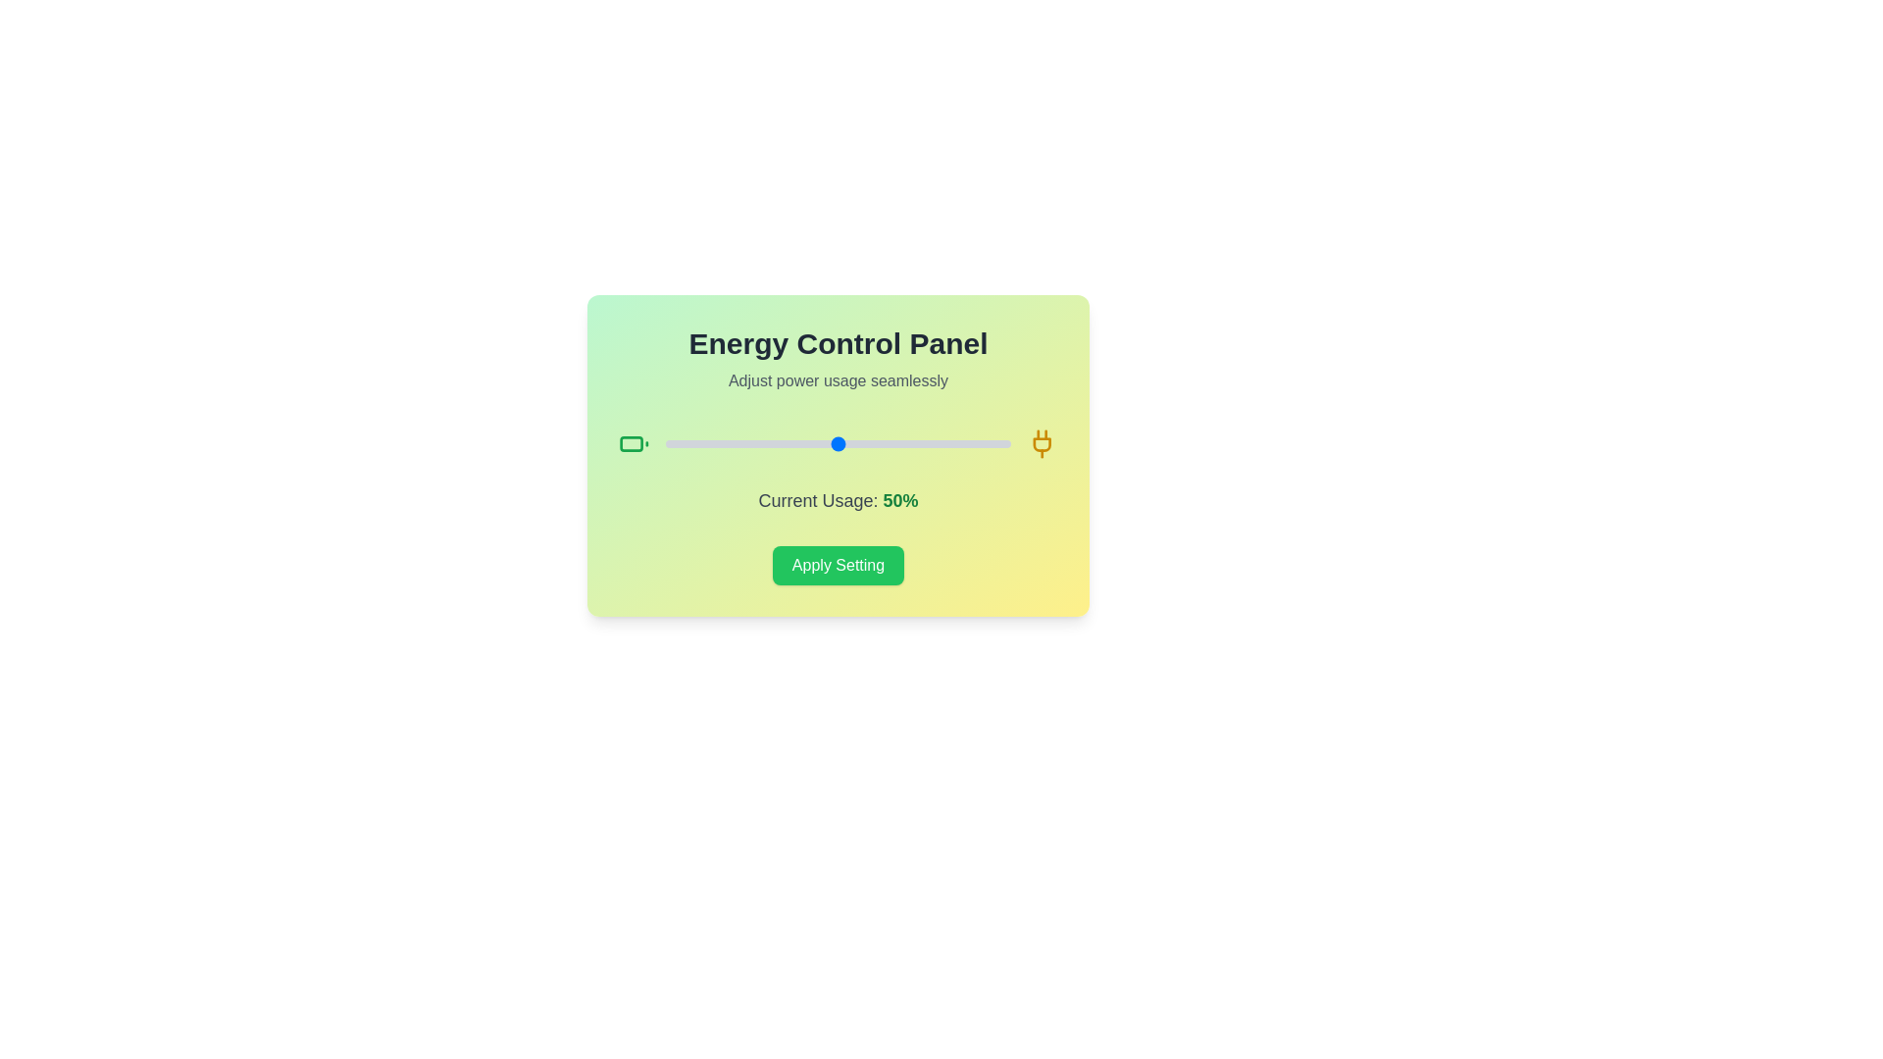 The width and height of the screenshot is (1883, 1059). I want to click on the energy usage slider, so click(719, 443).